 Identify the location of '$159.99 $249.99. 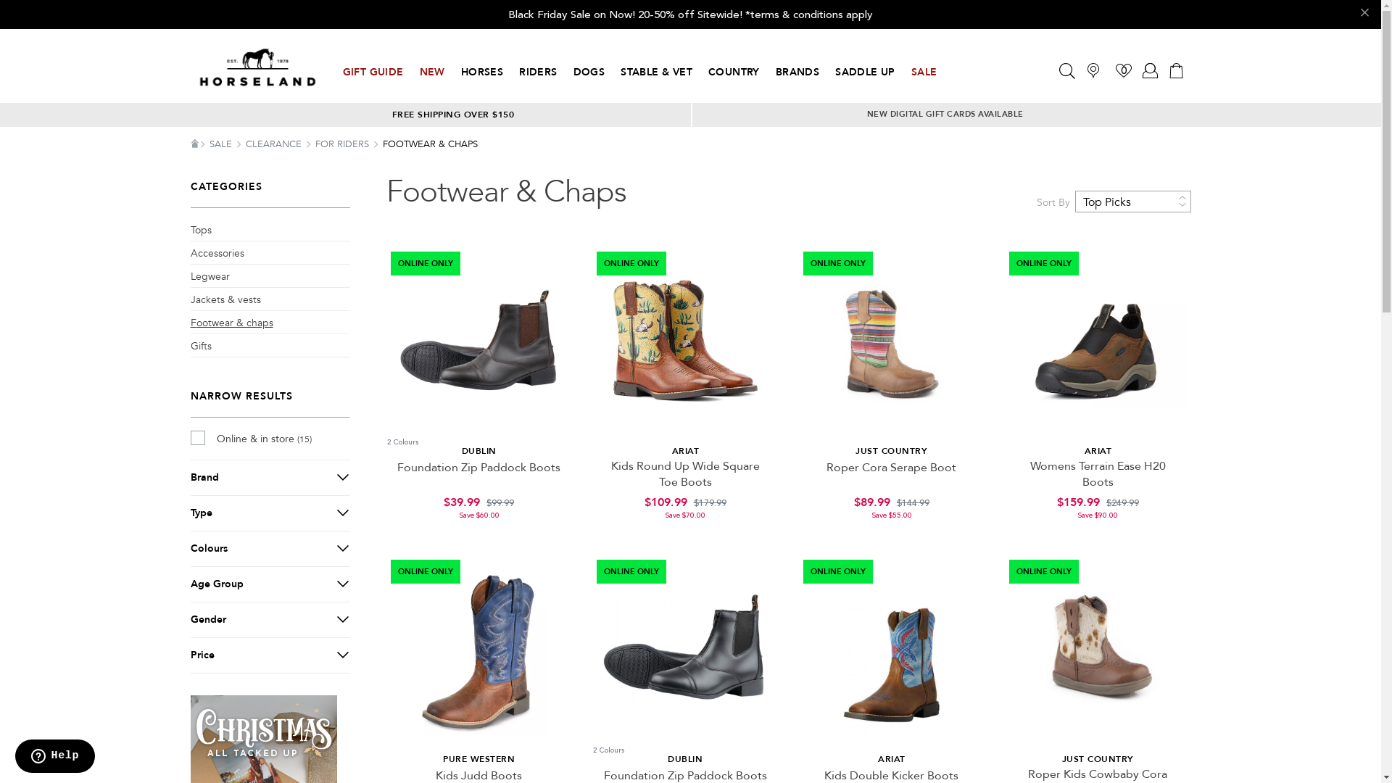
(1098, 505).